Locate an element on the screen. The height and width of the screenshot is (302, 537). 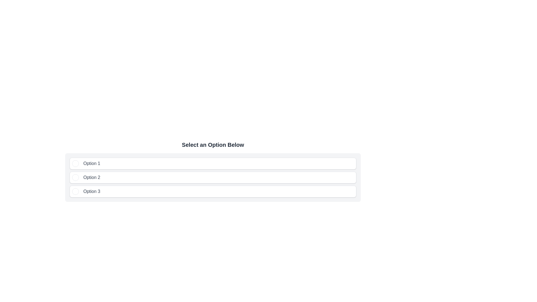
the text label 'Option 2' is located at coordinates (92, 178).